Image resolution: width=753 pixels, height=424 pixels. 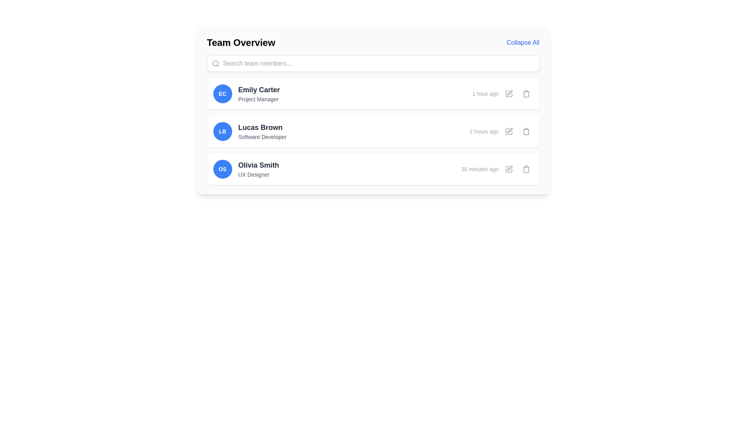 I want to click on the editing icon button located between '1 hour ago' and the trash bin icon in the row for 'Emily Carter' to initiate editing, so click(x=509, y=93).